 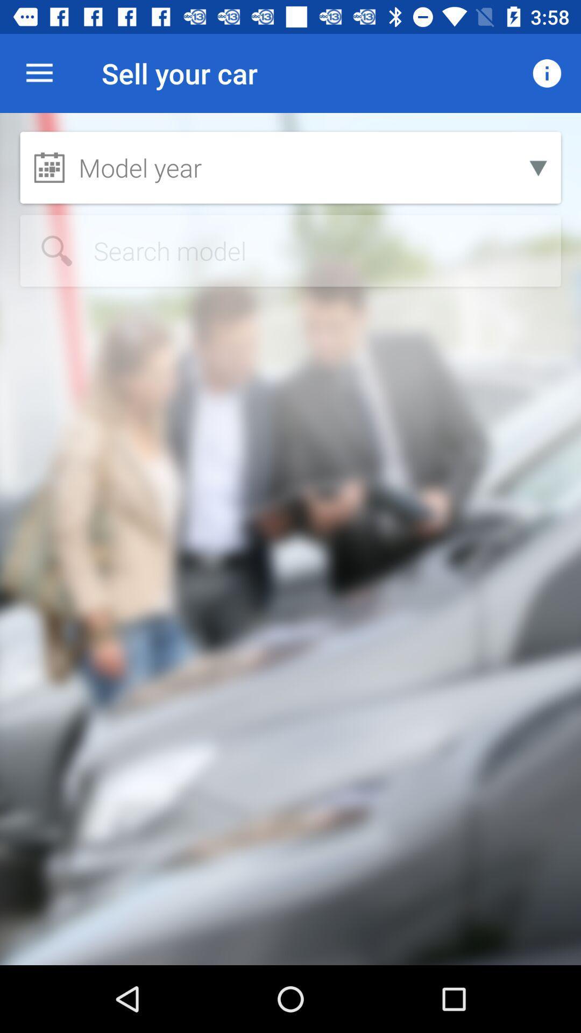 I want to click on search model, so click(x=290, y=250).